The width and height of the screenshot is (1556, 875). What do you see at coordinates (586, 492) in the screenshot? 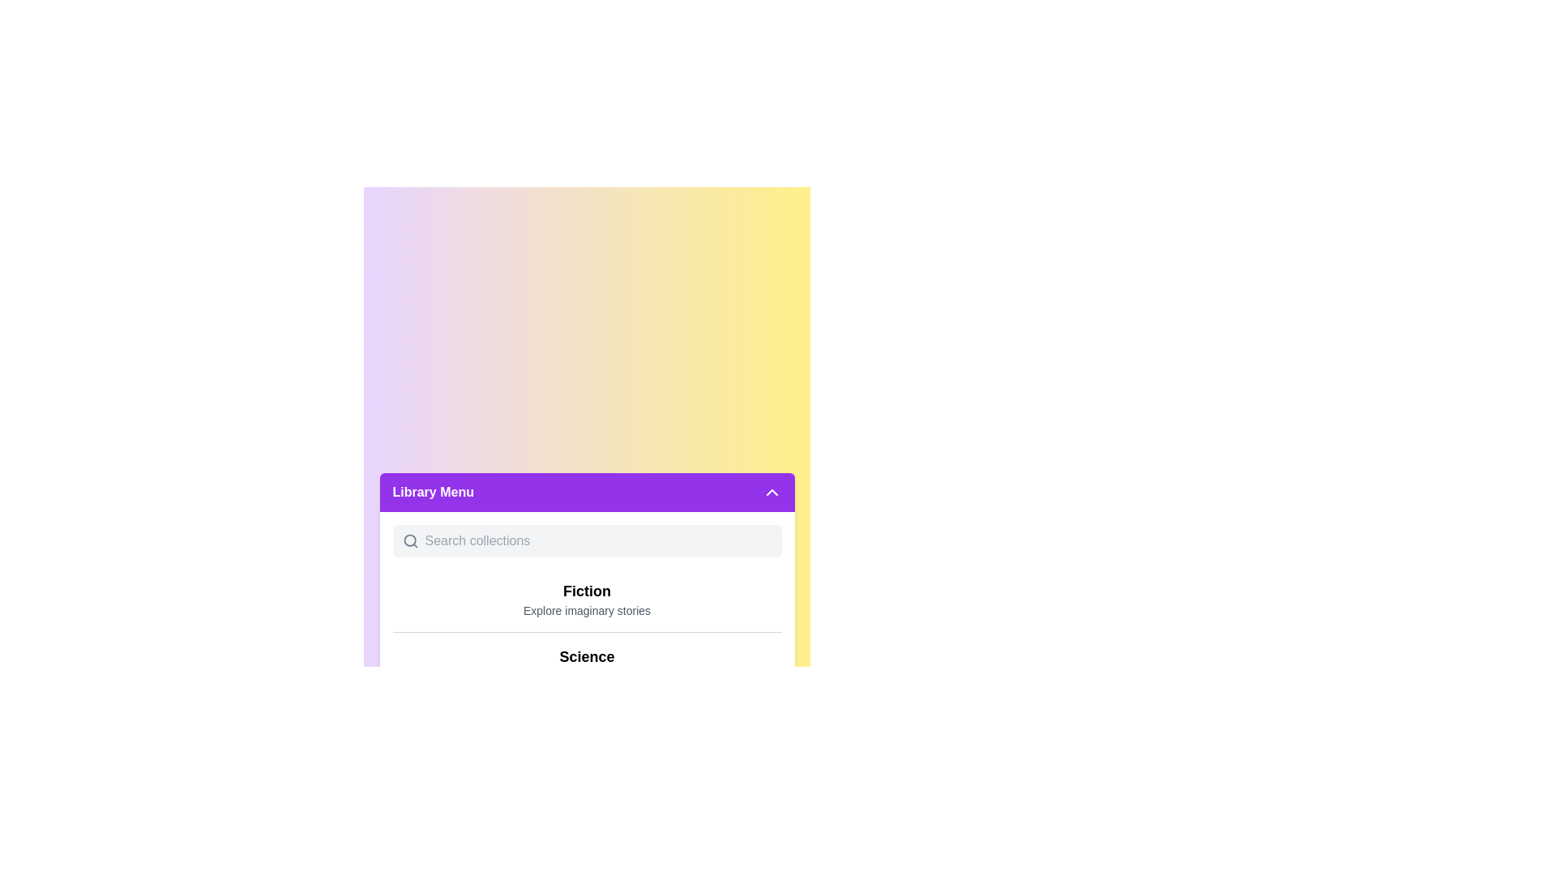
I see `the menu header to toggle the Library Menu visibility` at bounding box center [586, 492].